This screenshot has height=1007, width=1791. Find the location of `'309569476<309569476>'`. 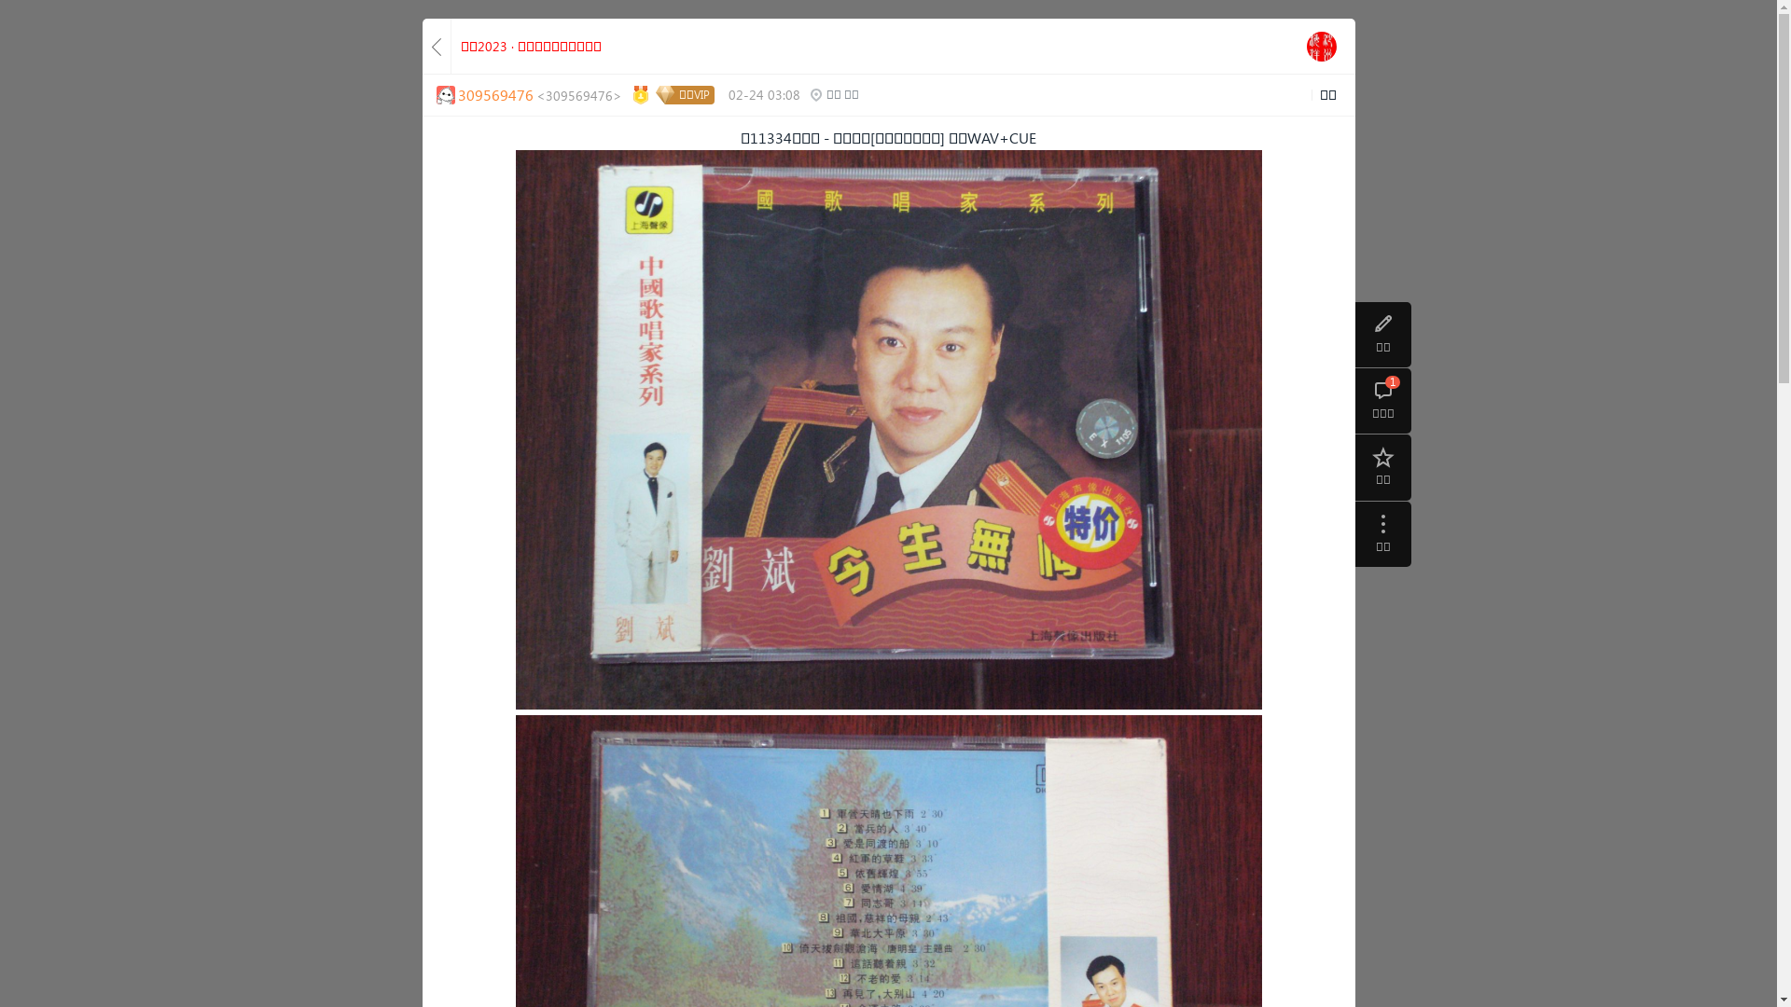

'309569476<309569476>' is located at coordinates (528, 94).